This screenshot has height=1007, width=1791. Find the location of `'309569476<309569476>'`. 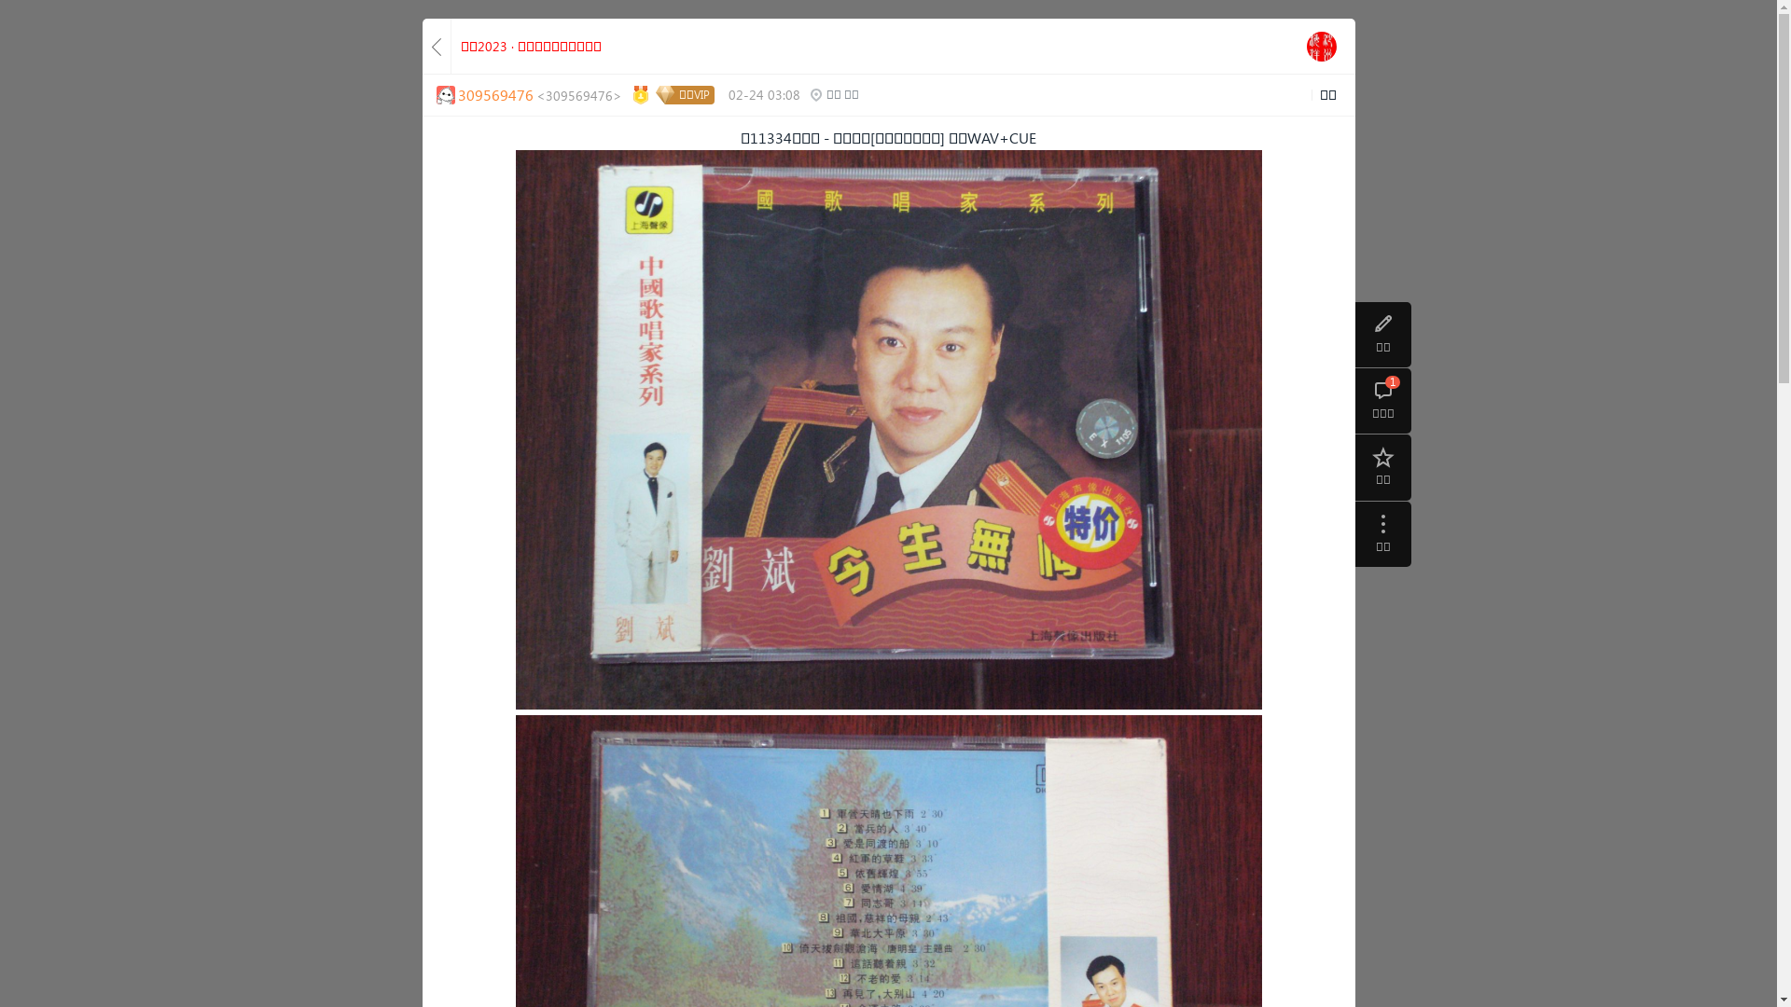

'309569476<309569476>' is located at coordinates (528, 94).